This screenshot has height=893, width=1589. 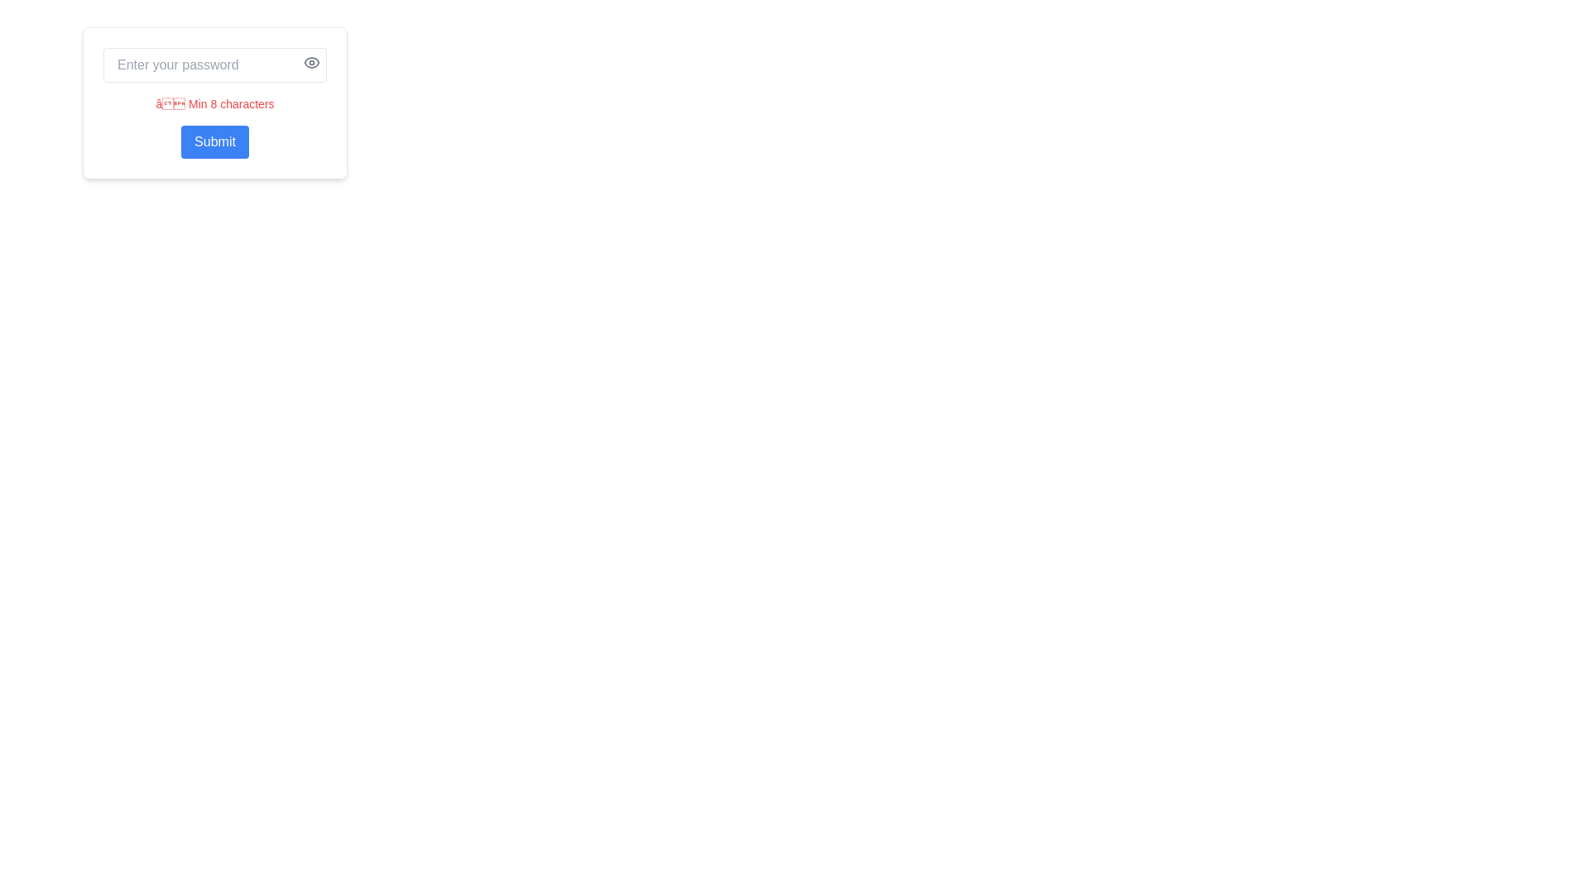 What do you see at coordinates (214, 103) in the screenshot?
I see `the text label displaying the error message 'Min 8 characters' styled in red color, located below the password input field and above the submit button` at bounding box center [214, 103].